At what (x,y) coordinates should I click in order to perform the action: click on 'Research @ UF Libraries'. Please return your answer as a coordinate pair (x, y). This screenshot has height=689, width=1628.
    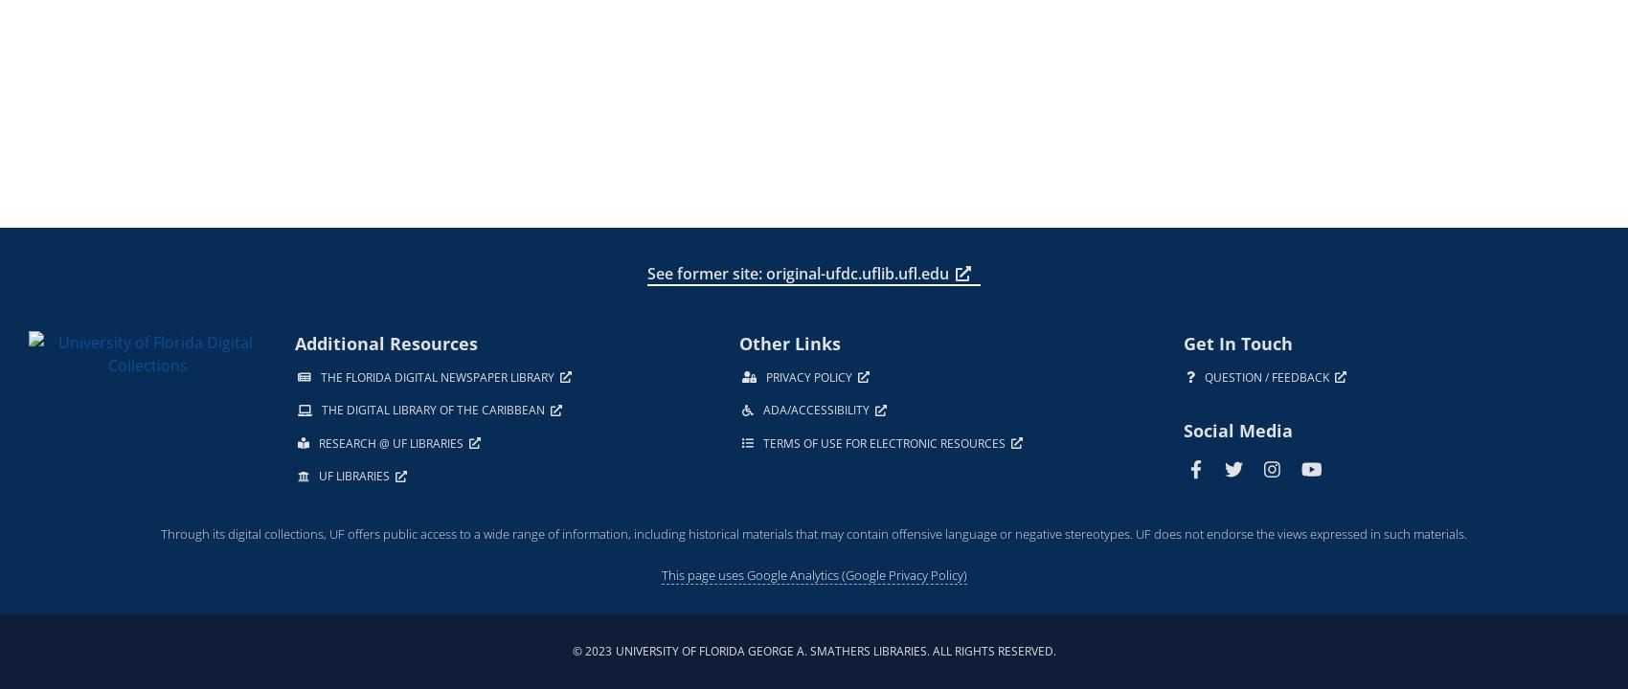
    Looking at the image, I should click on (390, 442).